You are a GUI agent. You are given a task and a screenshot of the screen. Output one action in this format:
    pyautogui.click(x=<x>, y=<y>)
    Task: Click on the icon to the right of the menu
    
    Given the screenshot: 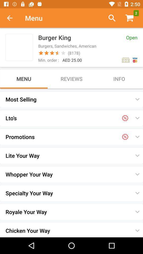 What is the action you would take?
    pyautogui.click(x=110, y=18)
    